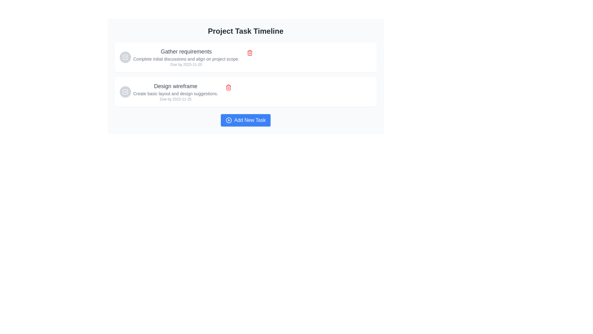 This screenshot has height=334, width=593. Describe the element at coordinates (175, 99) in the screenshot. I see `the text label that informs the user of the deadline for the associated task, located at the bottom of the 'Design wireframe' task card, beneath the description text 'Create basic layout and design suggestions.'` at that location.